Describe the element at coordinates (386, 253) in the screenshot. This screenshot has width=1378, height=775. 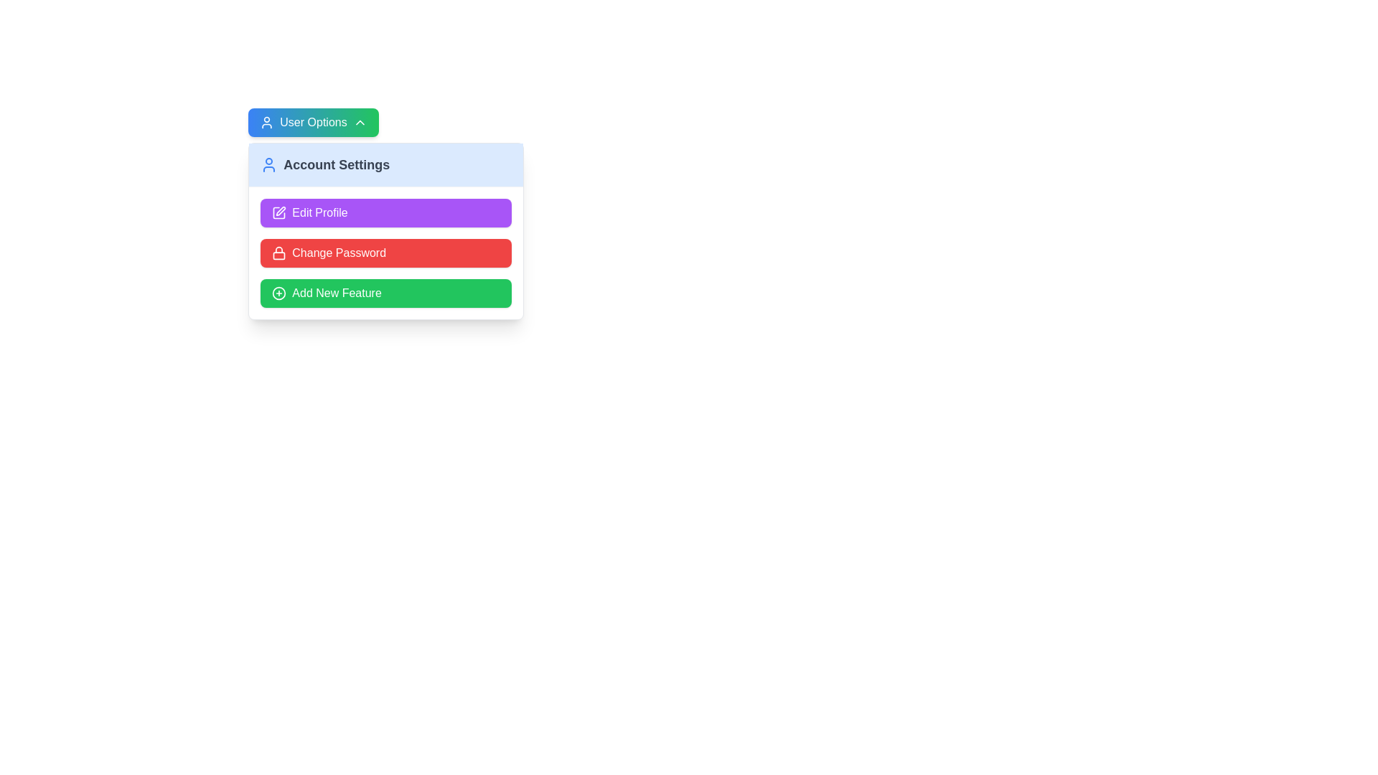
I see `the 'Change Password' button located beneath the 'Edit Profile' button and above the 'Add New Feature' button in the 'Account Settings' section` at that location.